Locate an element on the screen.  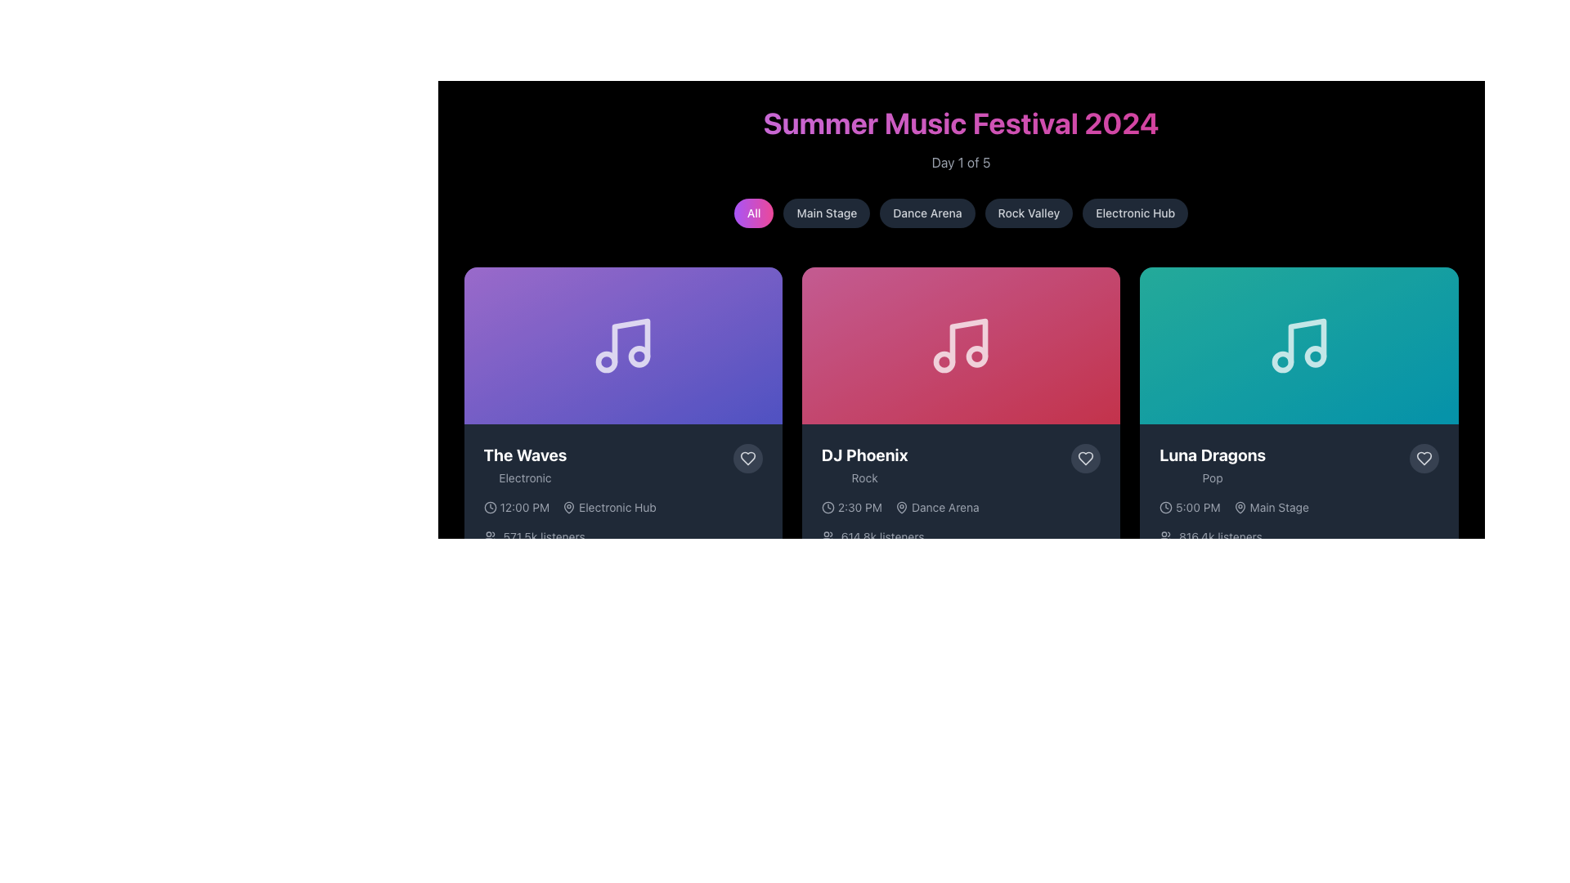
the main heading text element located near the top of the interface, which serves as the title and context for the current view is located at coordinates (961, 122).